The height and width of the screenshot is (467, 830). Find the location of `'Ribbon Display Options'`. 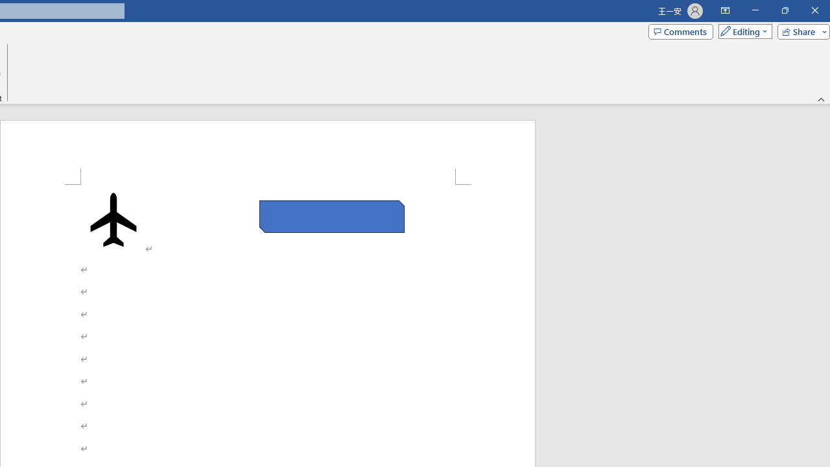

'Ribbon Display Options' is located at coordinates (724, 10).